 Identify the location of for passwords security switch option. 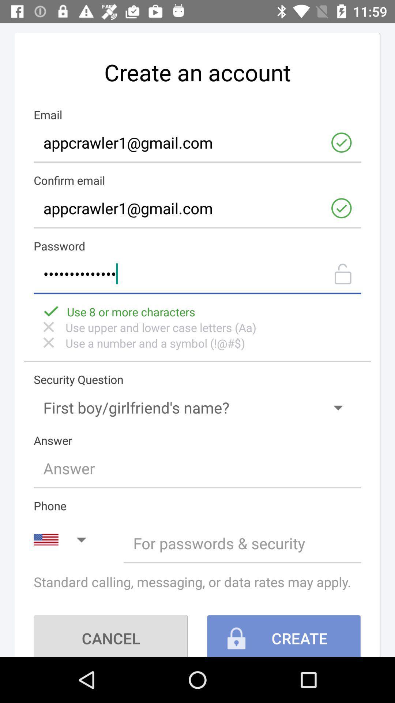
(242, 543).